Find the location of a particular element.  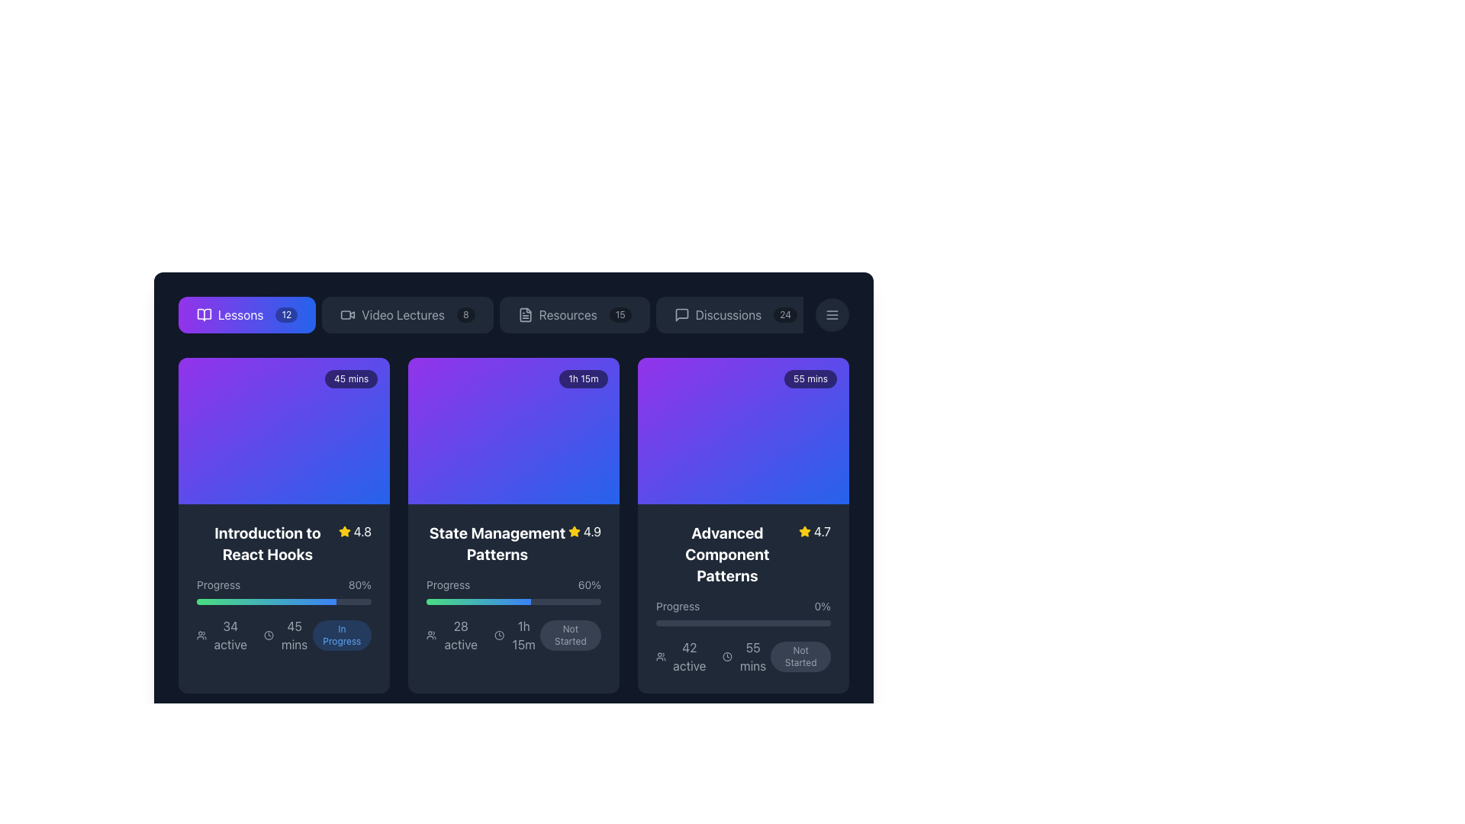

the Hamburger Menu icon located at the top-right corner of the navigation bar to potentially trigger visual feedback is located at coordinates (831, 314).